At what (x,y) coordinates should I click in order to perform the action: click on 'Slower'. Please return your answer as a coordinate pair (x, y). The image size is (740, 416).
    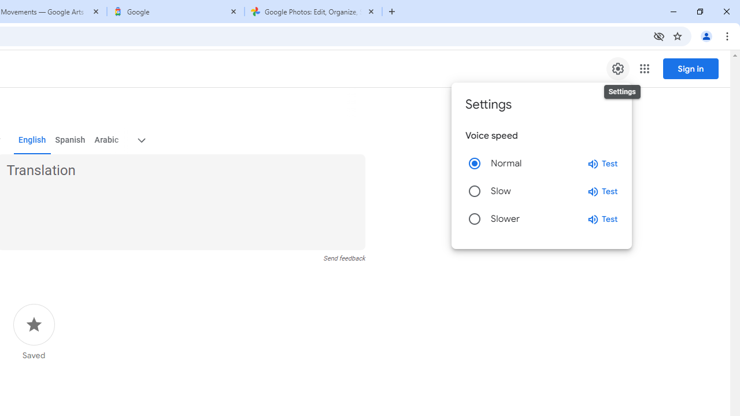
    Looking at the image, I should click on (475, 219).